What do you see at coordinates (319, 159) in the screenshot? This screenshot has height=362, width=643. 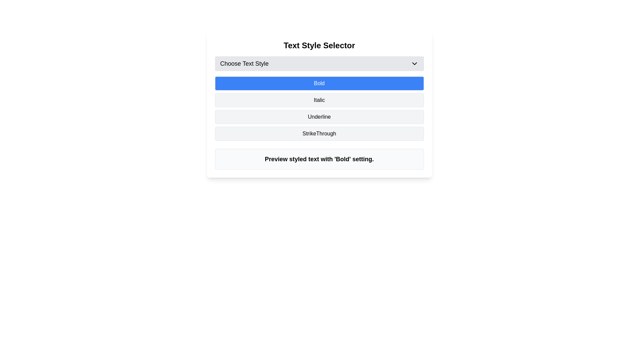 I see `the static text label displaying 'Preview styled text with 'Bold' setting.' which is located in a bordered area below the text style buttons` at bounding box center [319, 159].